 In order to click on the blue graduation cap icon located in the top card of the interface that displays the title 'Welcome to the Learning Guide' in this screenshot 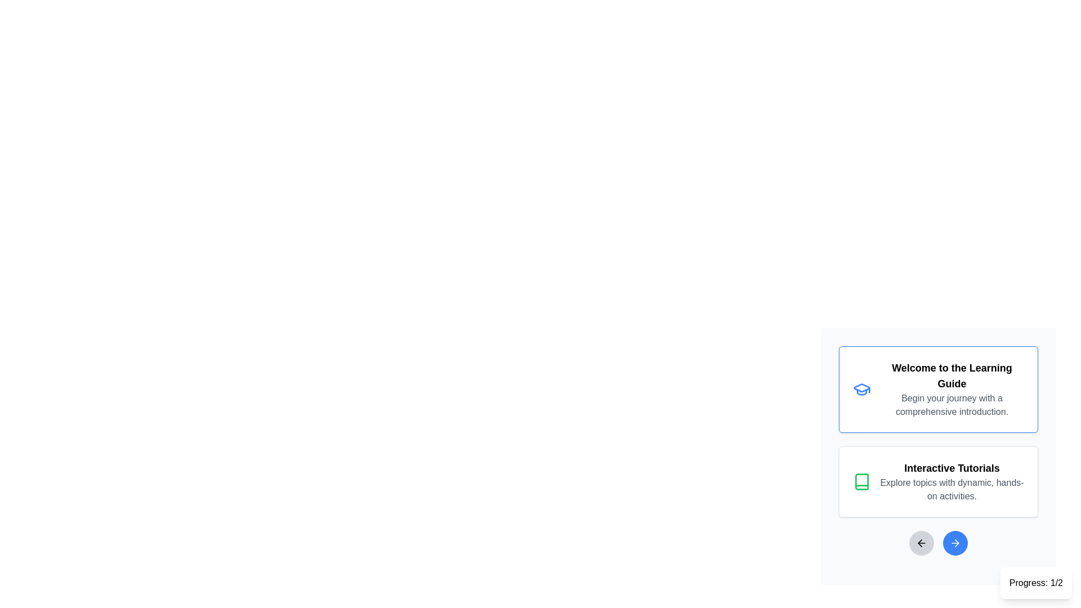, I will do `click(861, 388)`.